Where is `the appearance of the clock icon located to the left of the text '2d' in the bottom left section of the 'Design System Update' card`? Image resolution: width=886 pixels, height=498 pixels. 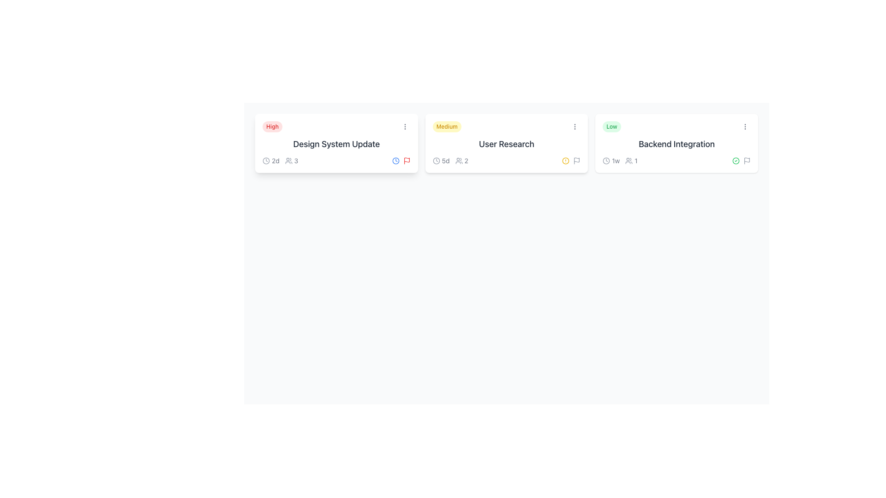 the appearance of the clock icon located to the left of the text '2d' in the bottom left section of the 'Design System Update' card is located at coordinates (265, 160).